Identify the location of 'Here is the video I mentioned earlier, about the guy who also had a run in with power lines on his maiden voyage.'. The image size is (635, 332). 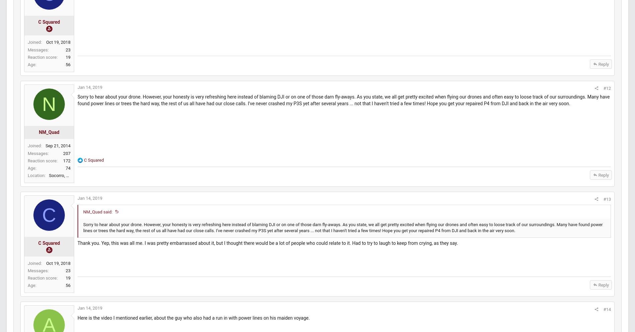
(93, 324).